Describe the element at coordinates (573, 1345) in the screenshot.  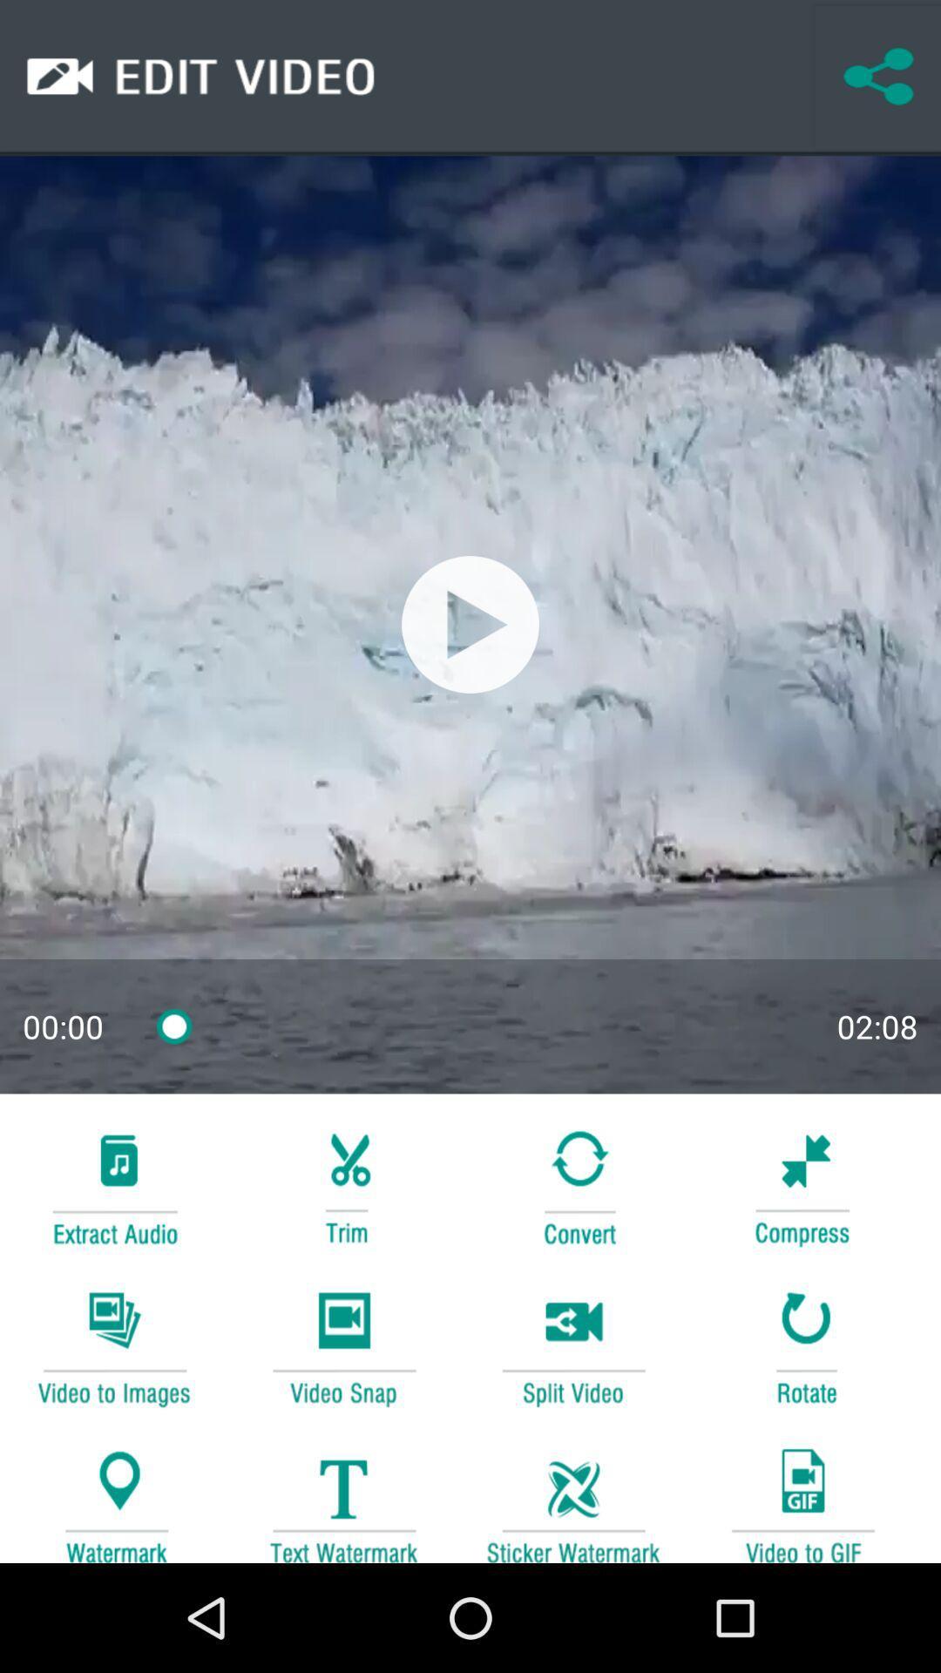
I see `split video` at that location.